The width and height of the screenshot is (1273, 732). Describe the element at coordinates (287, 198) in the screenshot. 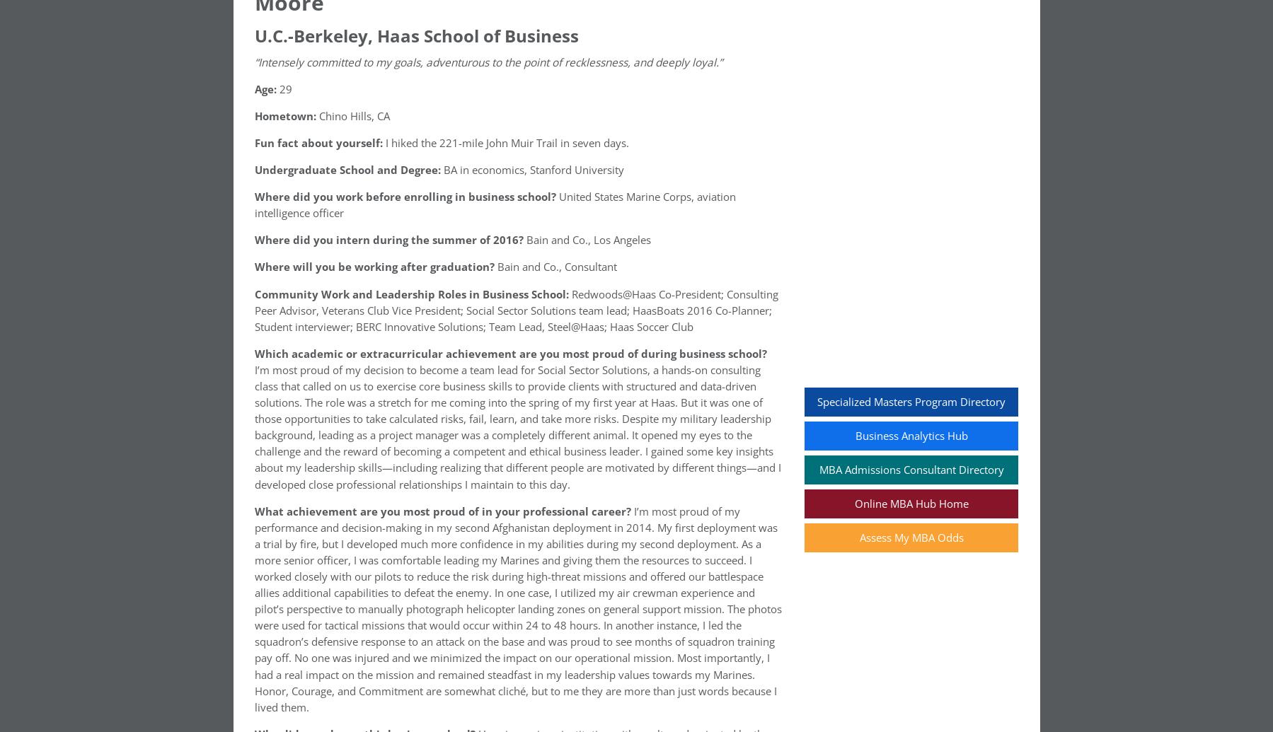

I see `'DON’T MISS:'` at that location.